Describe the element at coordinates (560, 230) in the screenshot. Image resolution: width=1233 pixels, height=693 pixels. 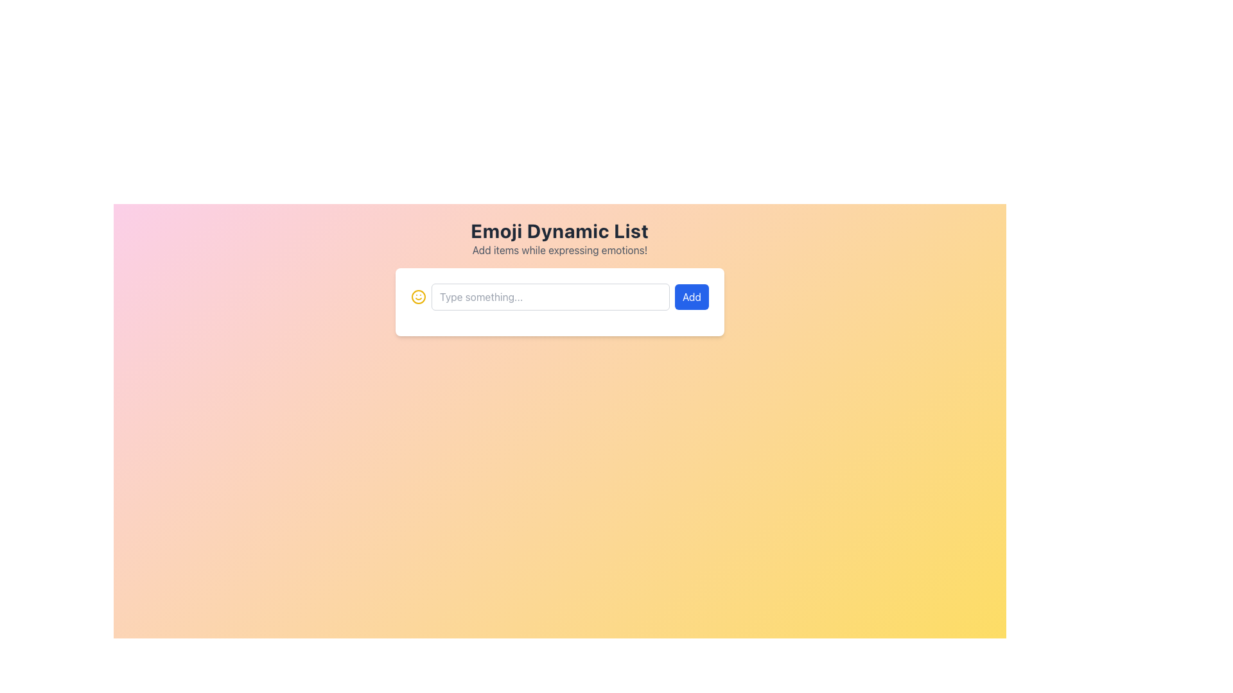
I see `the large, bold text label reading 'Emoji Dynamic List', which is centrally positioned at the top of the interface, above the smaller text 'Add items while expressing emotions!'` at that location.